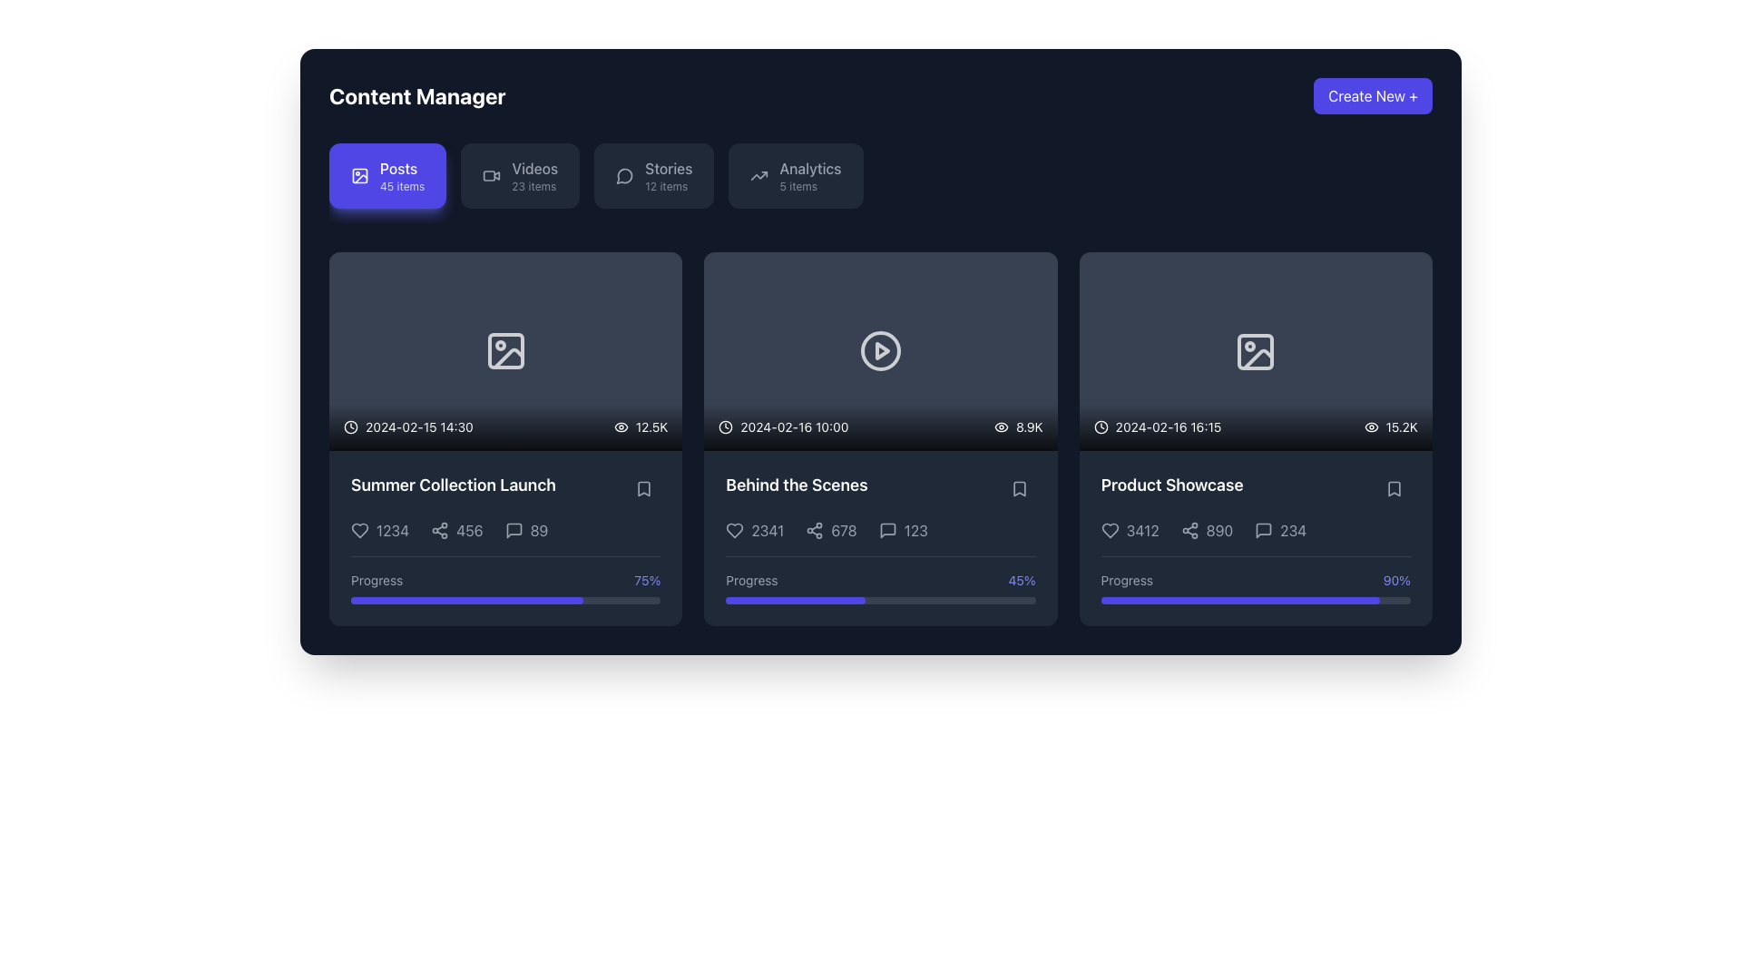 The image size is (1742, 980). I want to click on the clock icon located to the left of the text '2024-02-16 10:00' in the 'Behind the Scenes' panel, so click(726, 426).